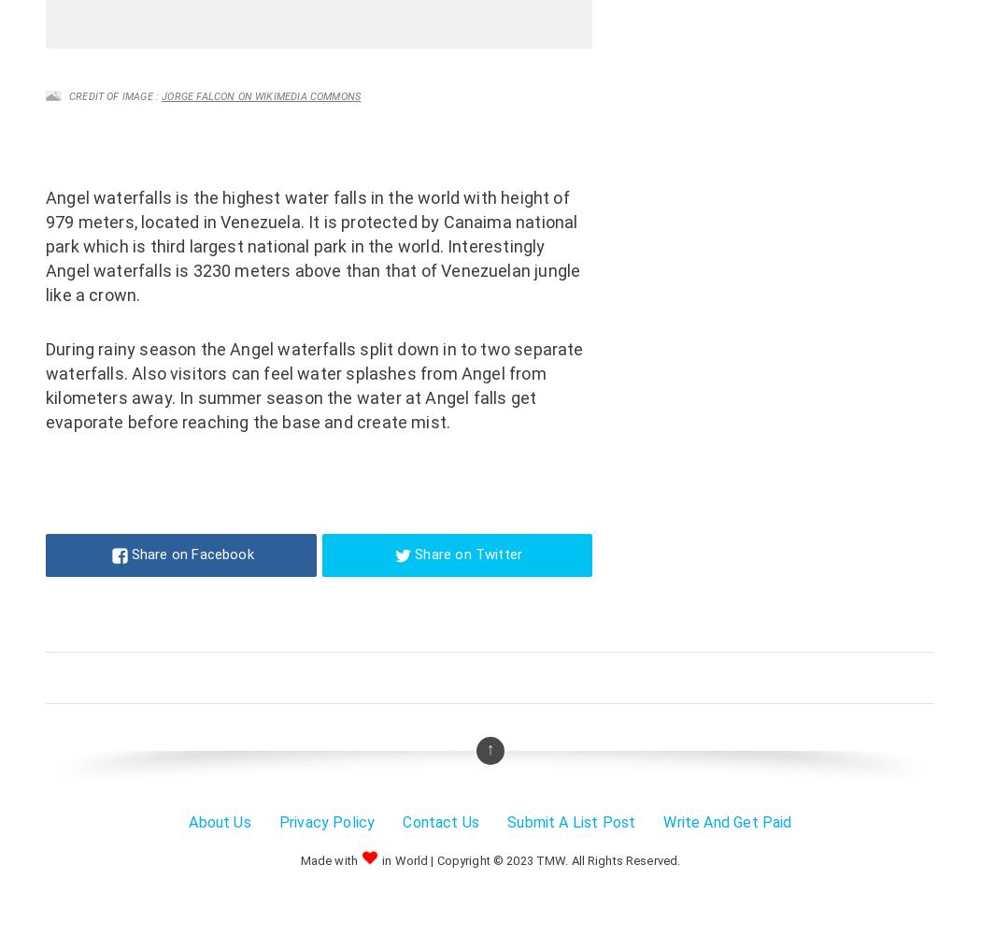 The width and height of the screenshot is (981, 951). I want to click on 'Write And Get Paid', so click(663, 821).